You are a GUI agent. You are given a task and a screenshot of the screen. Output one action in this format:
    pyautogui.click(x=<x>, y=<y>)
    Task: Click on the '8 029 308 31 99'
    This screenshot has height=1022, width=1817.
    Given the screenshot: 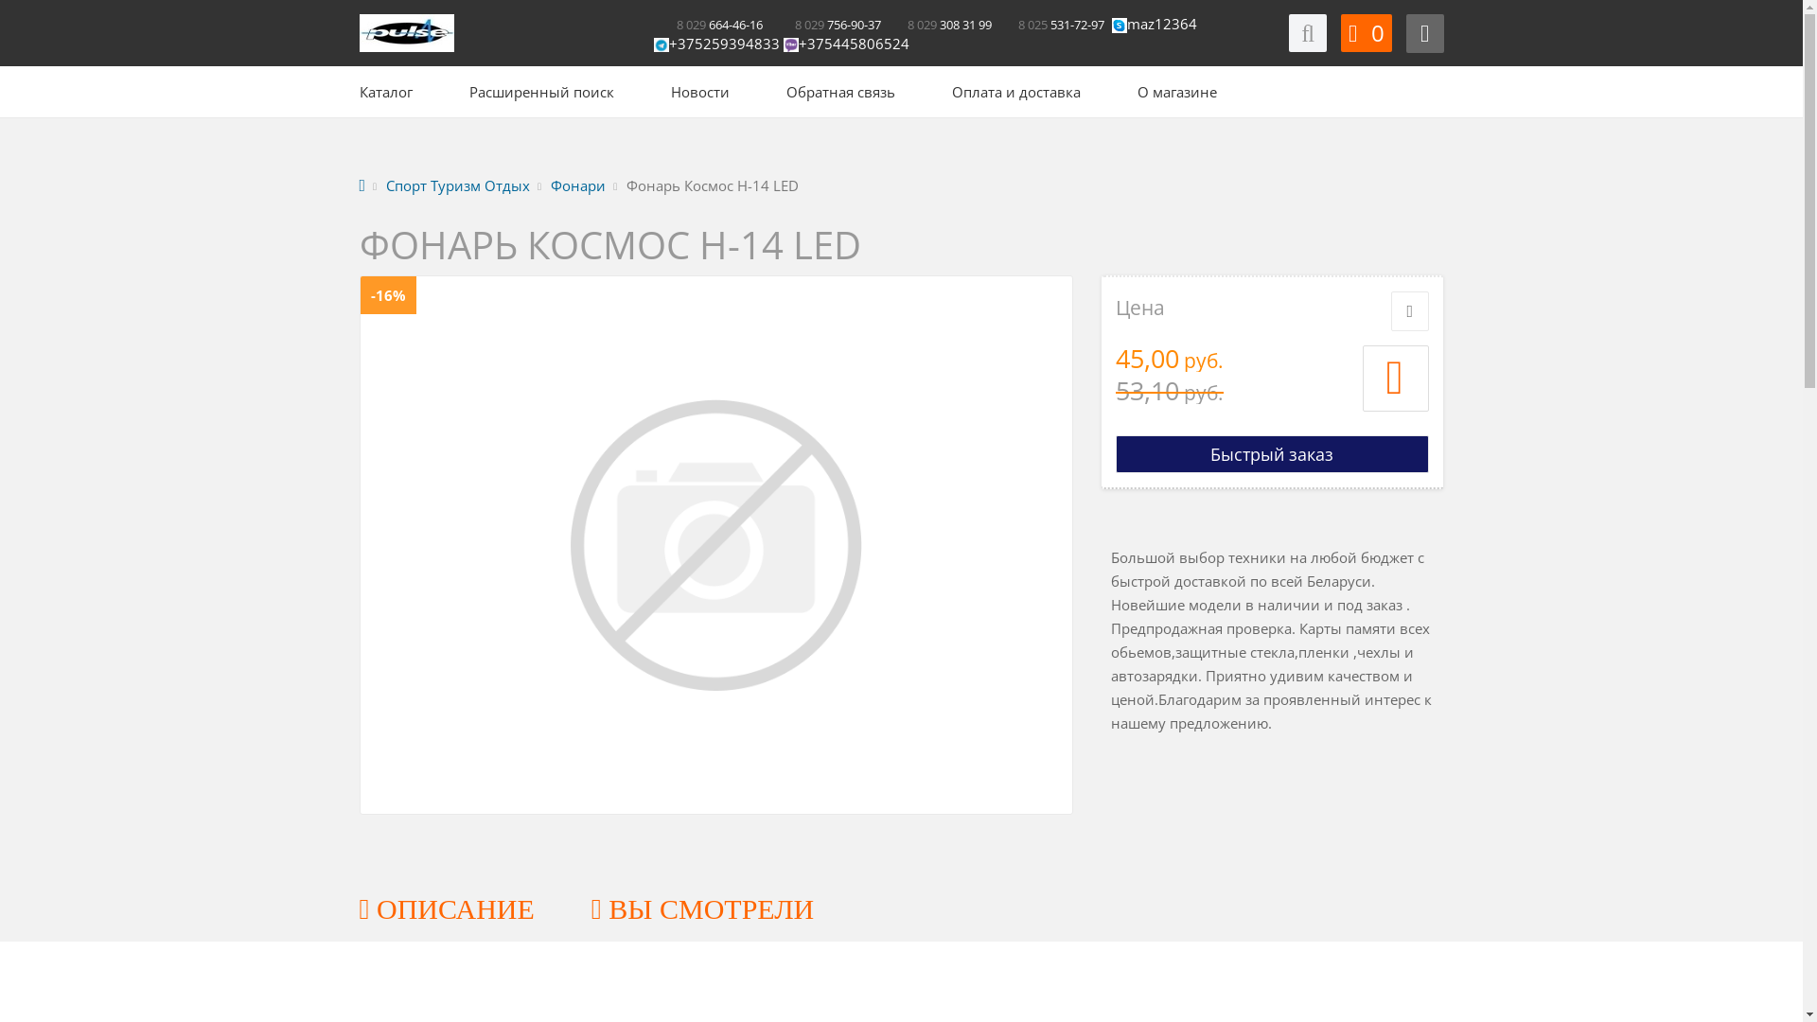 What is the action you would take?
    pyautogui.click(x=937, y=23)
    